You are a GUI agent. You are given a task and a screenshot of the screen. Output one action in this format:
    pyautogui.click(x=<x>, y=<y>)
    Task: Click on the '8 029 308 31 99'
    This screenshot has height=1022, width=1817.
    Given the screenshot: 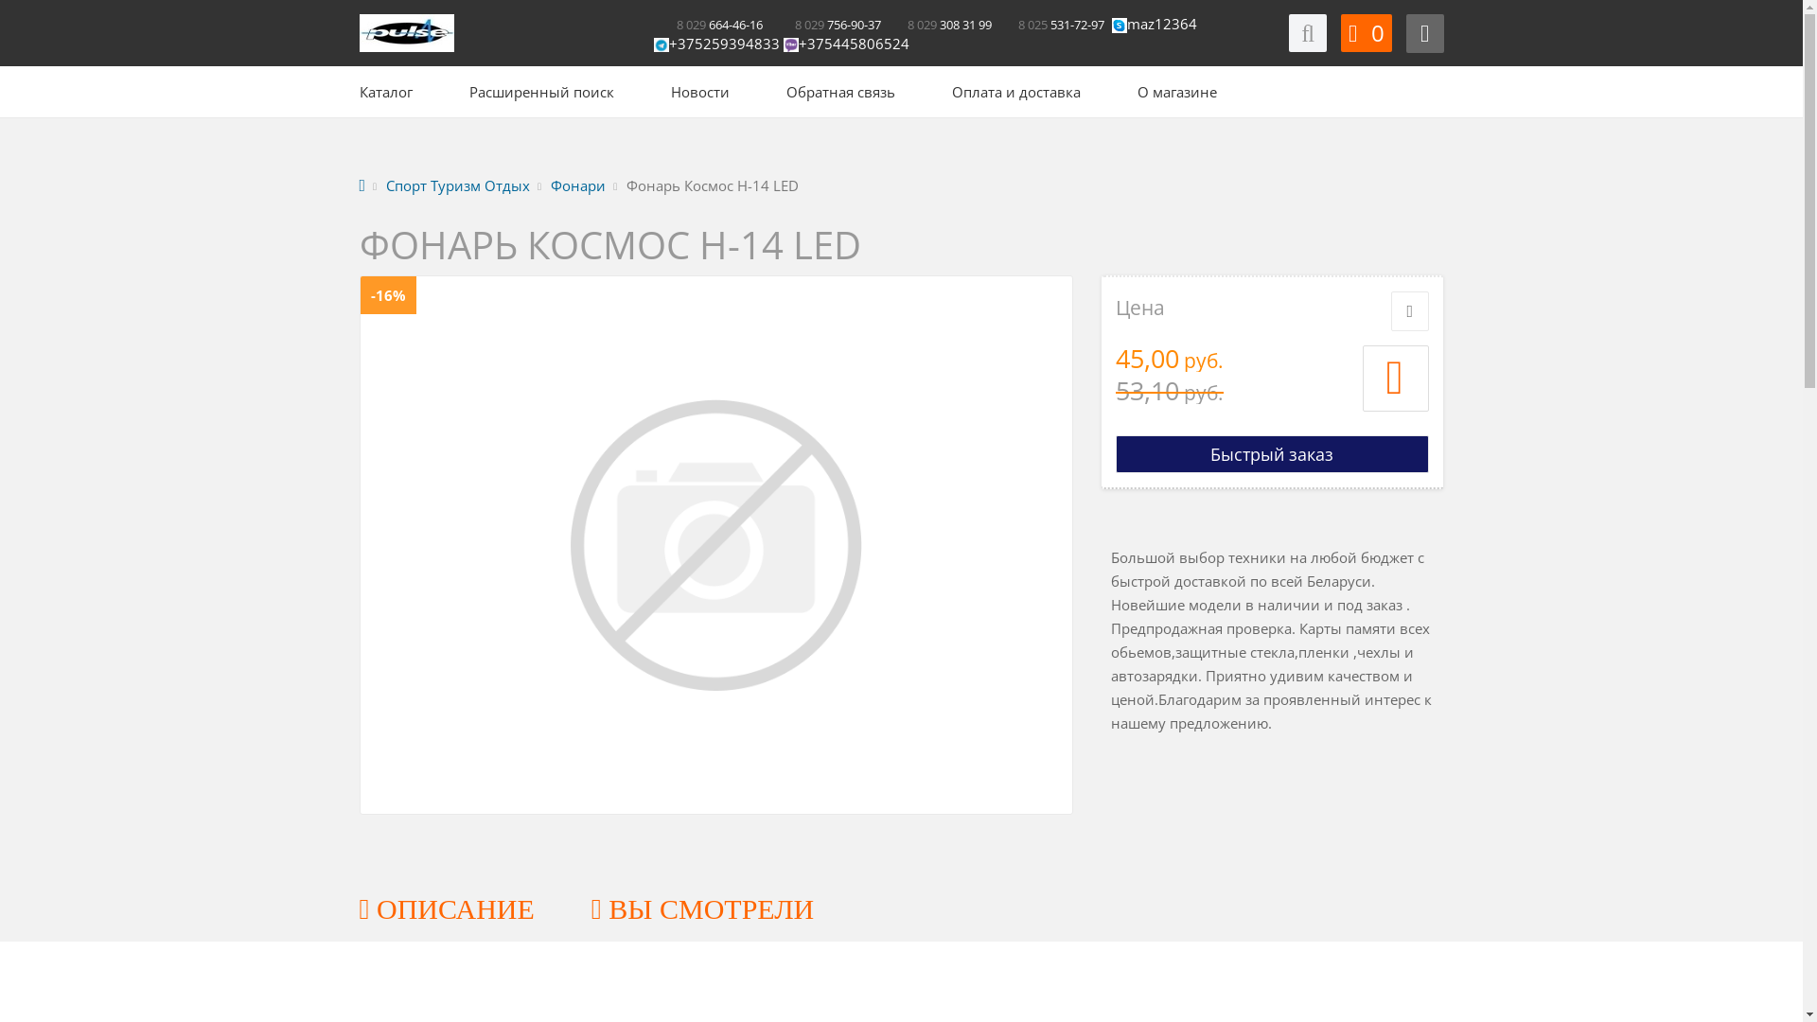 What is the action you would take?
    pyautogui.click(x=937, y=23)
    